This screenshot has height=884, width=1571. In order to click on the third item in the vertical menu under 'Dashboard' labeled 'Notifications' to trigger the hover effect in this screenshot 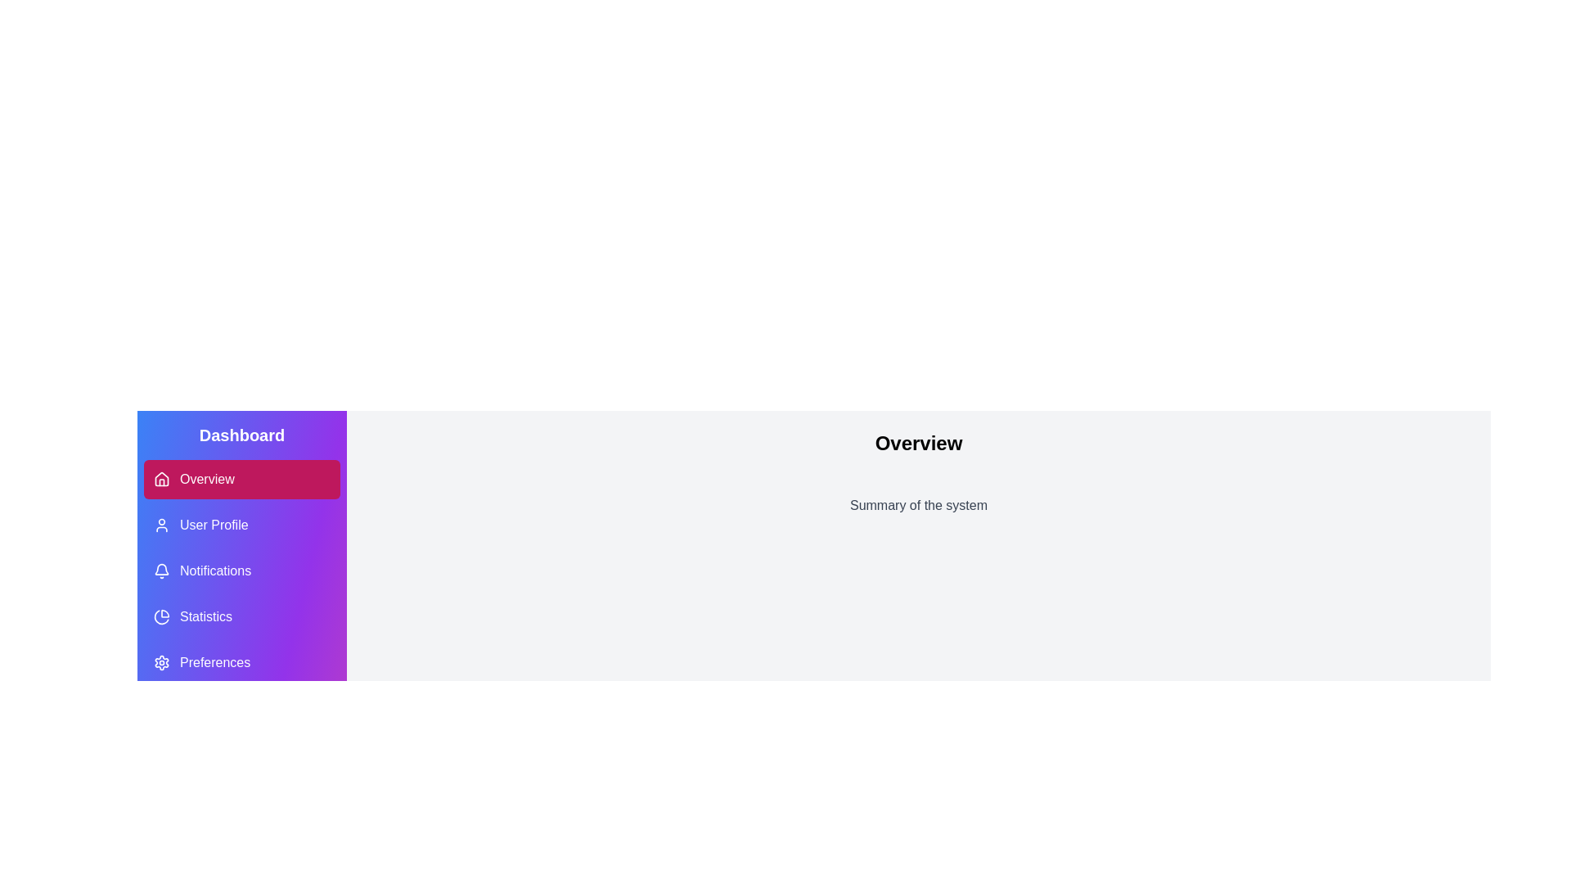, I will do `click(241, 571)`.